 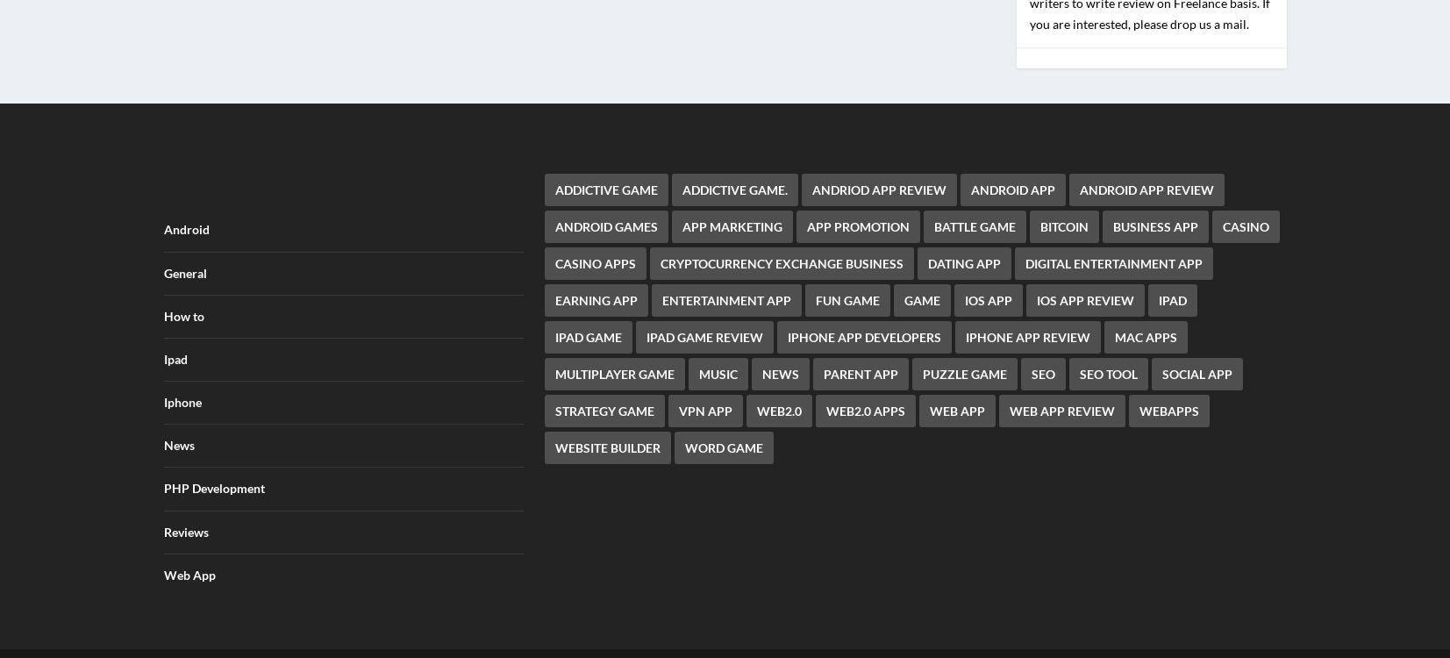 What do you see at coordinates (1197, 362) in the screenshot?
I see `'Social App'` at bounding box center [1197, 362].